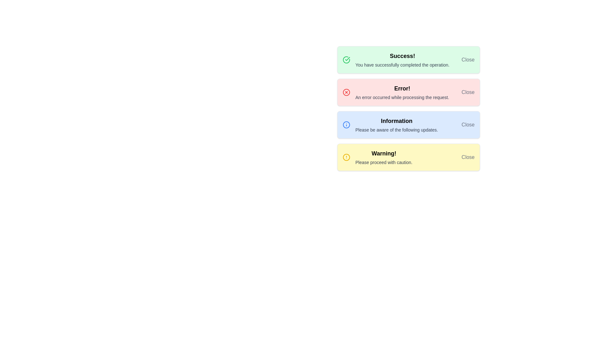 The height and width of the screenshot is (344, 612). I want to click on the Informational text component, which is a blue rectangular section containing bold text 'Information' and standard text 'Please be aware of the following updates.', so click(396, 125).